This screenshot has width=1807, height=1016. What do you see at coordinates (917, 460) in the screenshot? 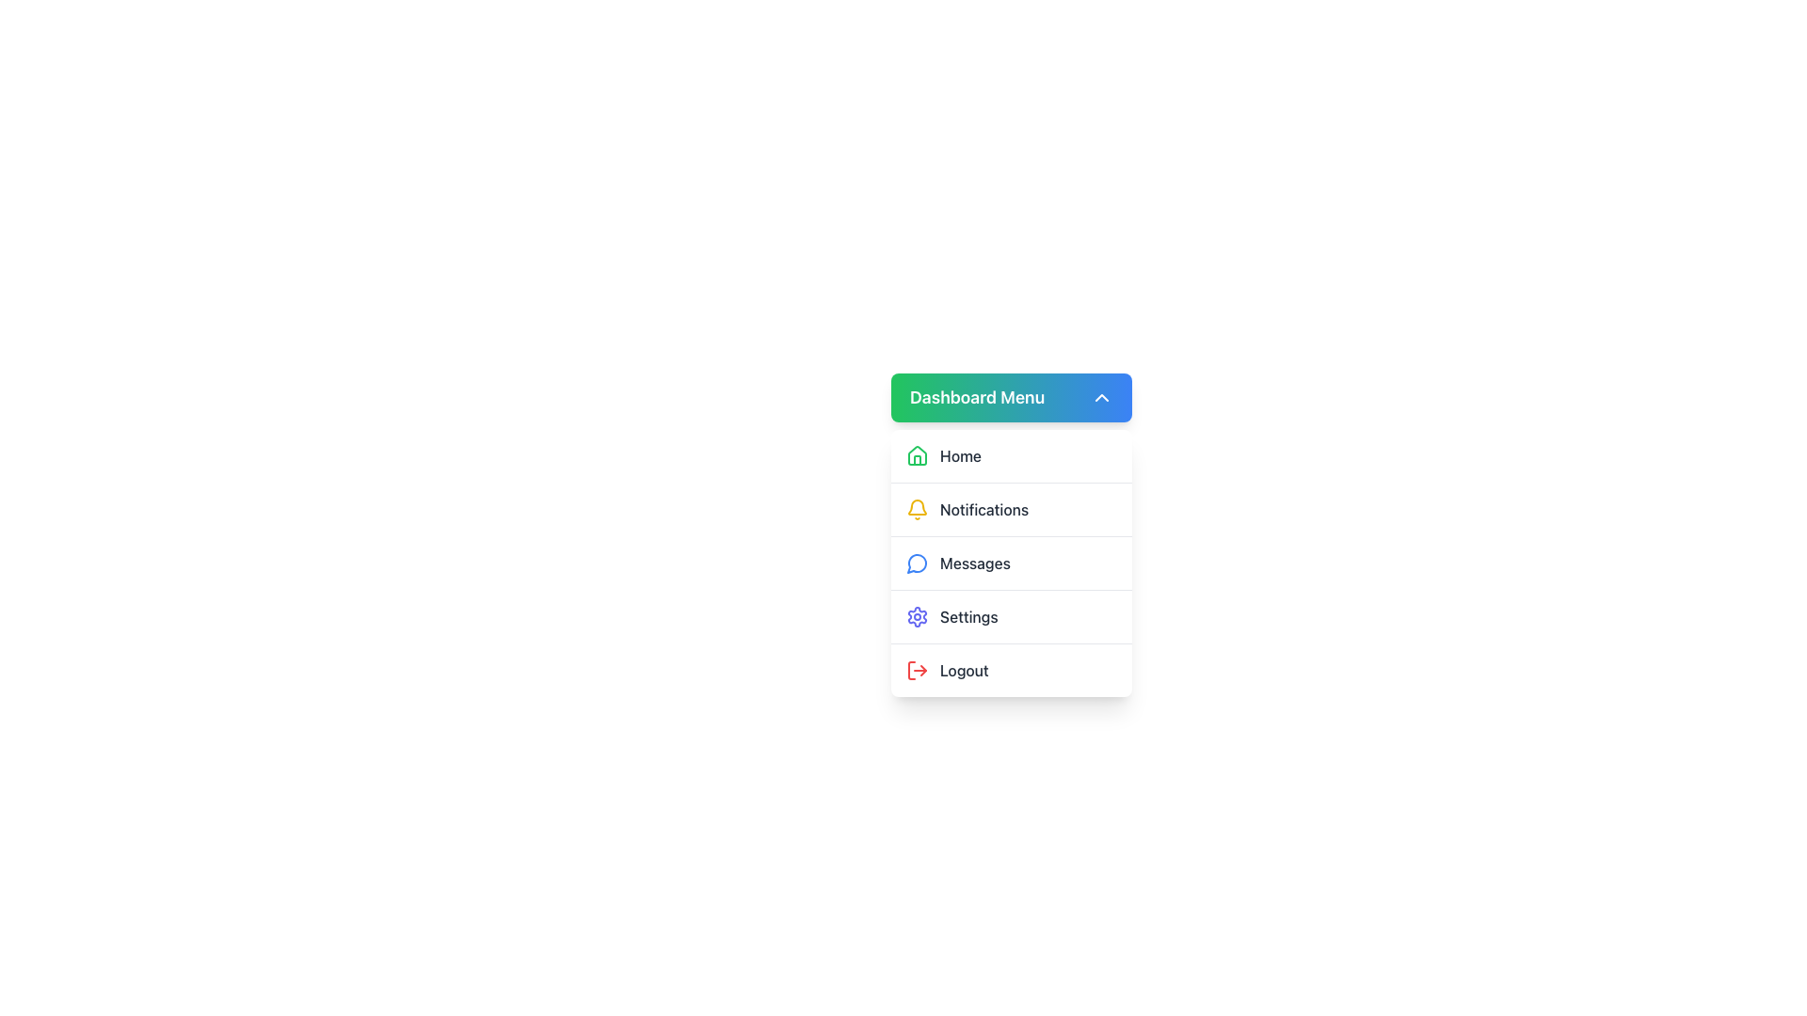
I see `the doorway element of the house icon, which is the lower rectangular component in the SVG representation of the 'Home' menu item` at bounding box center [917, 460].